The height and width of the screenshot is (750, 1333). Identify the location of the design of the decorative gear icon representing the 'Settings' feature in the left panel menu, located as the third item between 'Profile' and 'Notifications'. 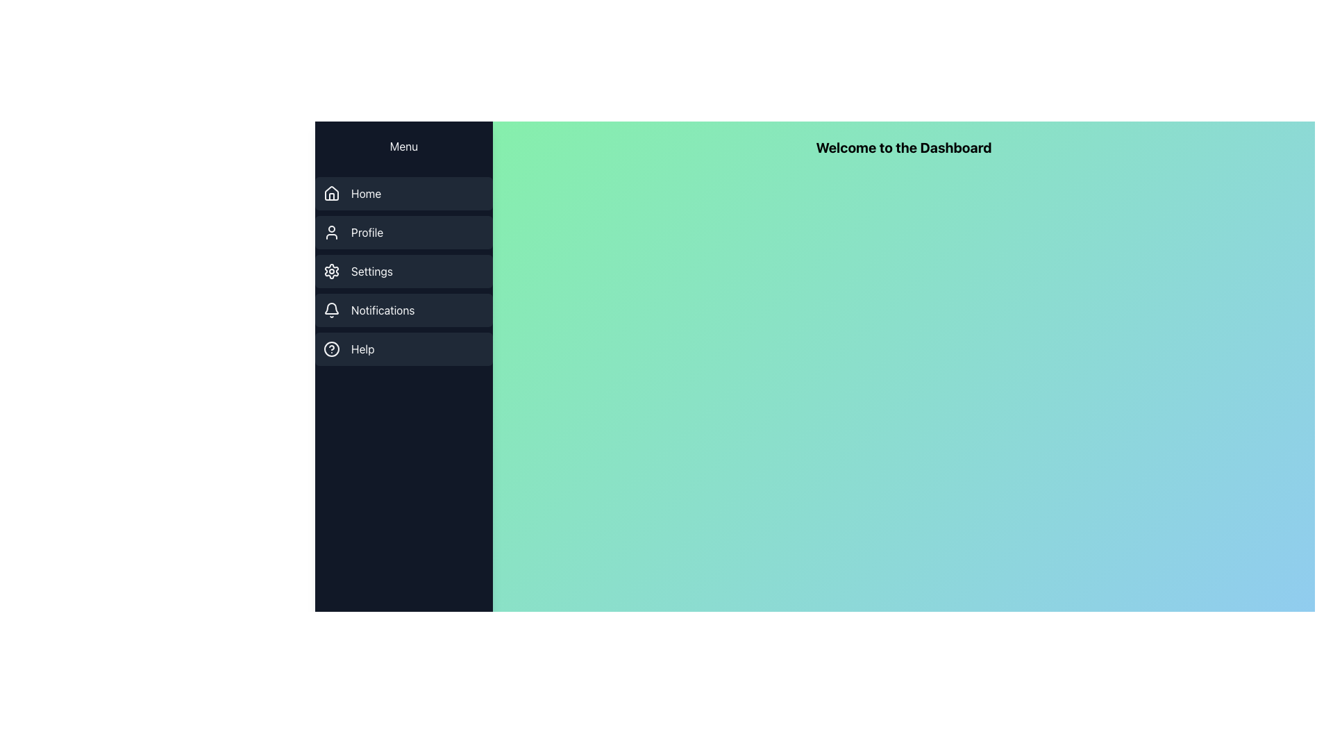
(331, 271).